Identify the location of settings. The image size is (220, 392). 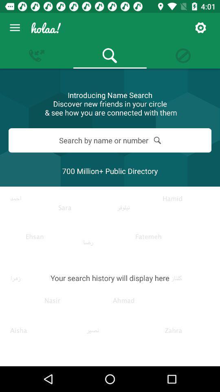
(200, 28).